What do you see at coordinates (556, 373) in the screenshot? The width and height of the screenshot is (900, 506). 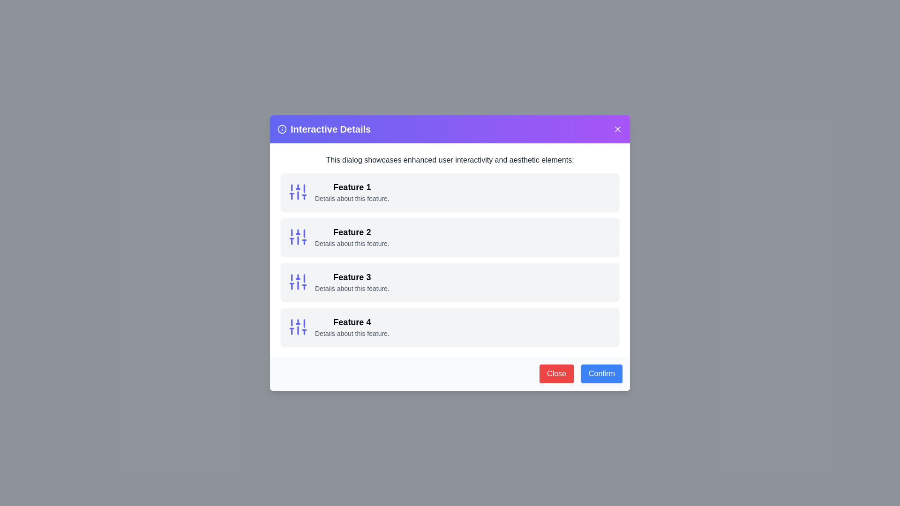 I see `the 'Close' button to observe its hover effect` at bounding box center [556, 373].